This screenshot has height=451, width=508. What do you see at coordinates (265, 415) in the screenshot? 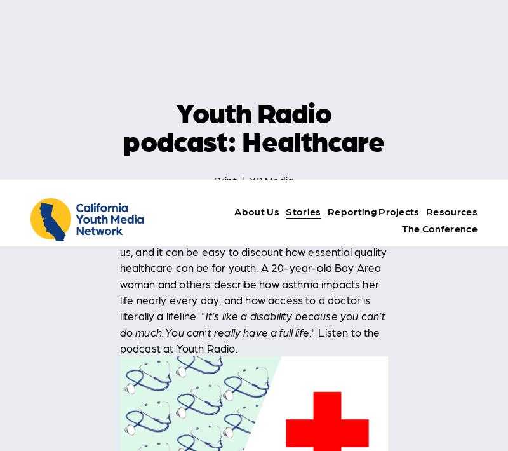
I see `'Yes,'` at bounding box center [265, 415].